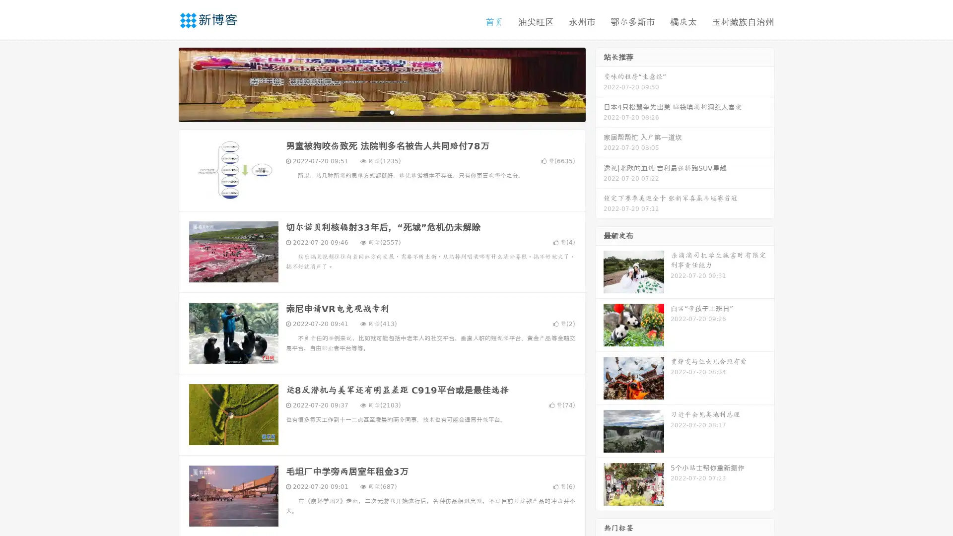 The width and height of the screenshot is (953, 536). Describe the element at coordinates (371, 112) in the screenshot. I see `Go to slide 1` at that location.